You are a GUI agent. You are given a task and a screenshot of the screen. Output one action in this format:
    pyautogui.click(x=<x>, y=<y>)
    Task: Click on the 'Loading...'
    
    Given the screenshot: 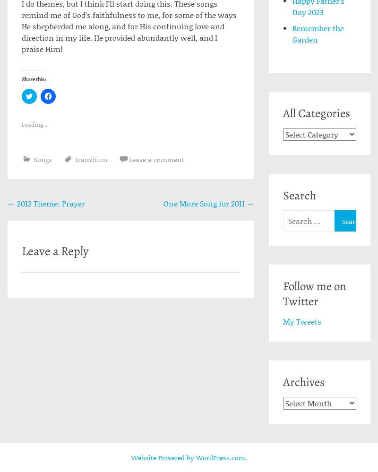 What is the action you would take?
    pyautogui.click(x=34, y=124)
    